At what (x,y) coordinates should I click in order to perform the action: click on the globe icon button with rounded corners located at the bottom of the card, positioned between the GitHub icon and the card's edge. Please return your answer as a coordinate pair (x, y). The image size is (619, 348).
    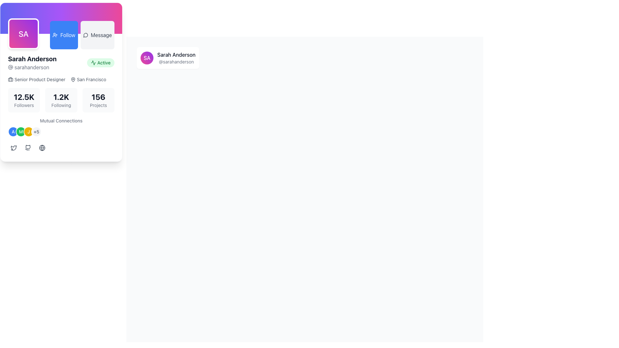
    Looking at the image, I should click on (42, 148).